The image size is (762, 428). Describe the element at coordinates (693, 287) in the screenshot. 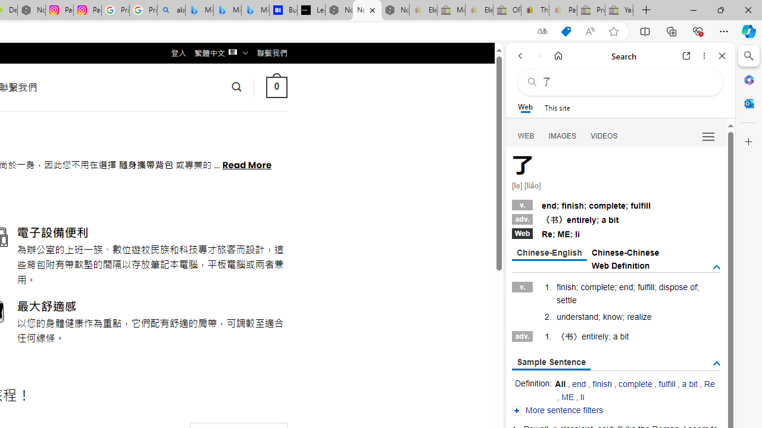

I see `'of'` at that location.